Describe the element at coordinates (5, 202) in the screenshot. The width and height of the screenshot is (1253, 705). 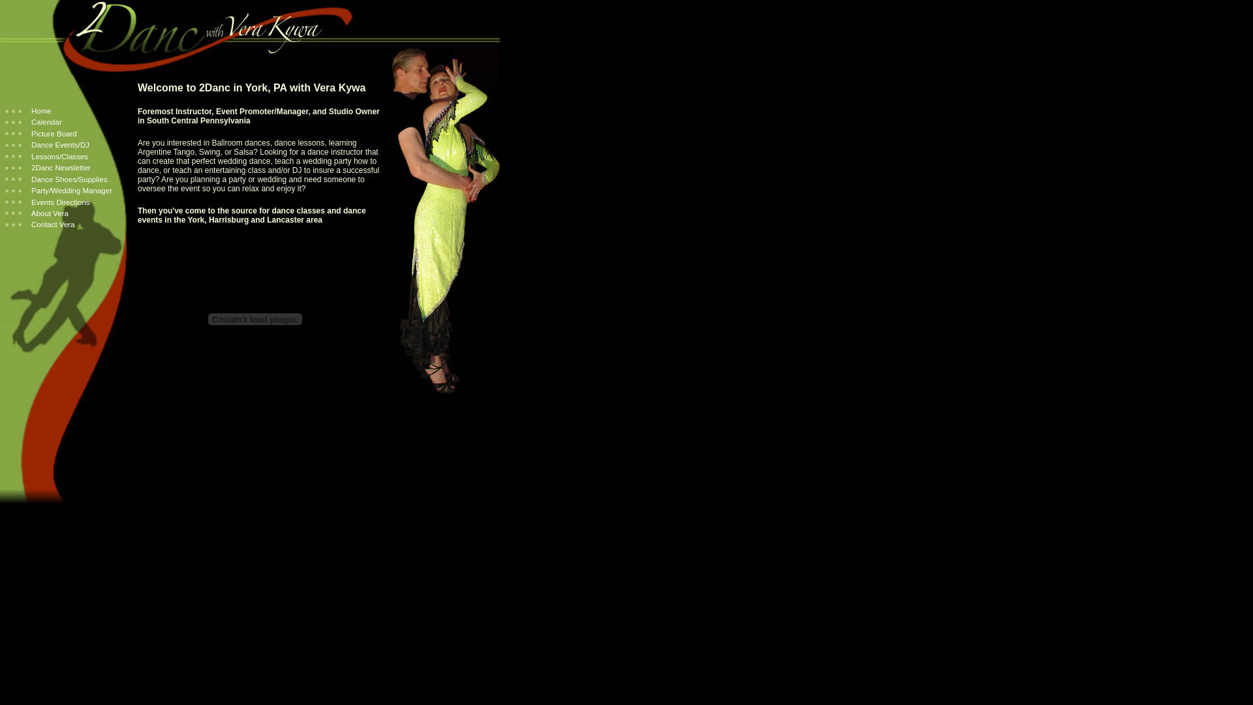
I see `'Events Directions'` at that location.